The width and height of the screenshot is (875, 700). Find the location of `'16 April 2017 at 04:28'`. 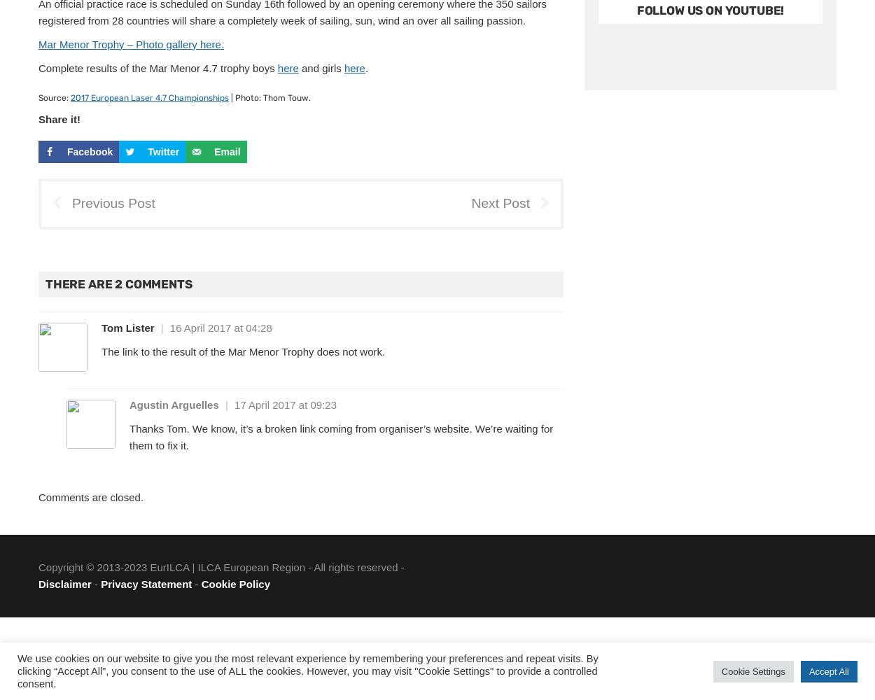

'16 April 2017 at 04:28' is located at coordinates (220, 327).